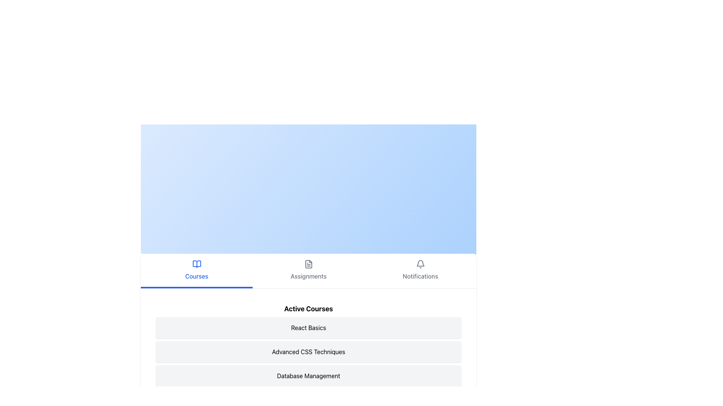 Image resolution: width=723 pixels, height=406 pixels. I want to click on the notification bell icon located at the top-right of the navigation bar, so click(420, 264).